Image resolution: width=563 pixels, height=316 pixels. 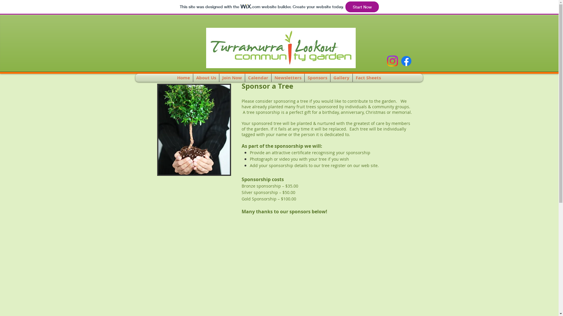 What do you see at coordinates (368, 78) in the screenshot?
I see `'Fact Sheets'` at bounding box center [368, 78].